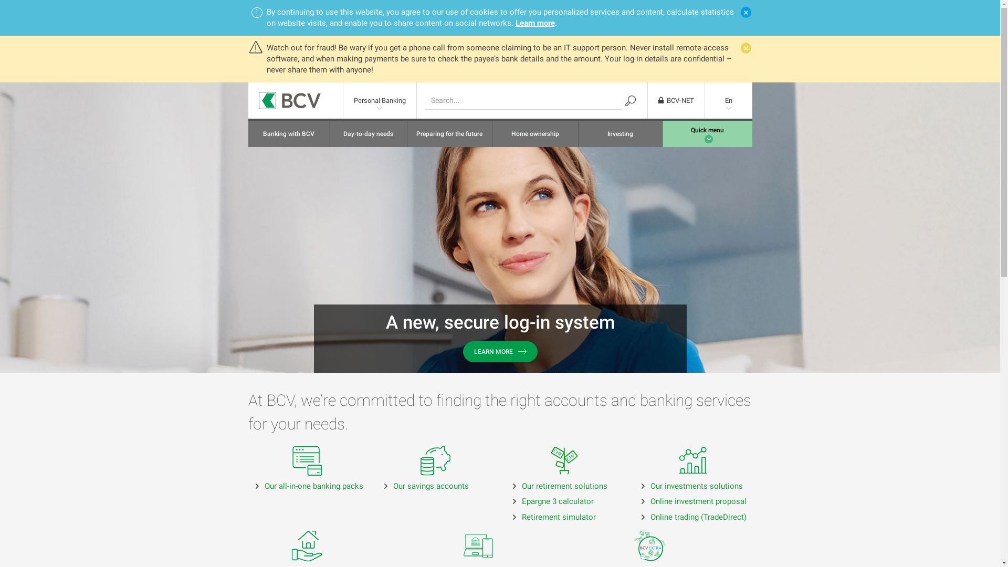 This screenshot has width=1008, height=567. I want to click on 'Our savings accounts', so click(430, 486).